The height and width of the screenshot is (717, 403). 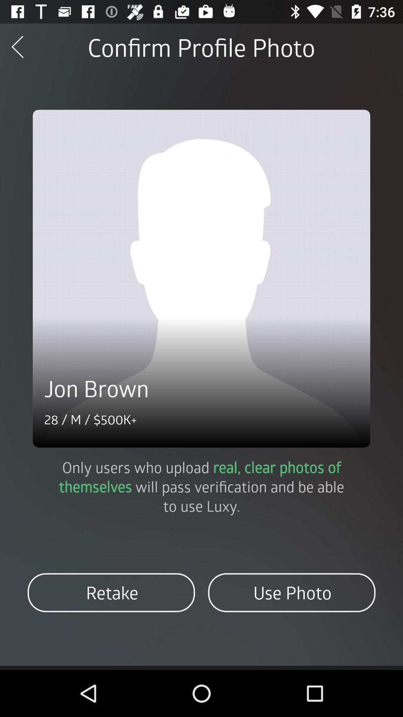 What do you see at coordinates (201, 46) in the screenshot?
I see `confirm profile photo` at bounding box center [201, 46].